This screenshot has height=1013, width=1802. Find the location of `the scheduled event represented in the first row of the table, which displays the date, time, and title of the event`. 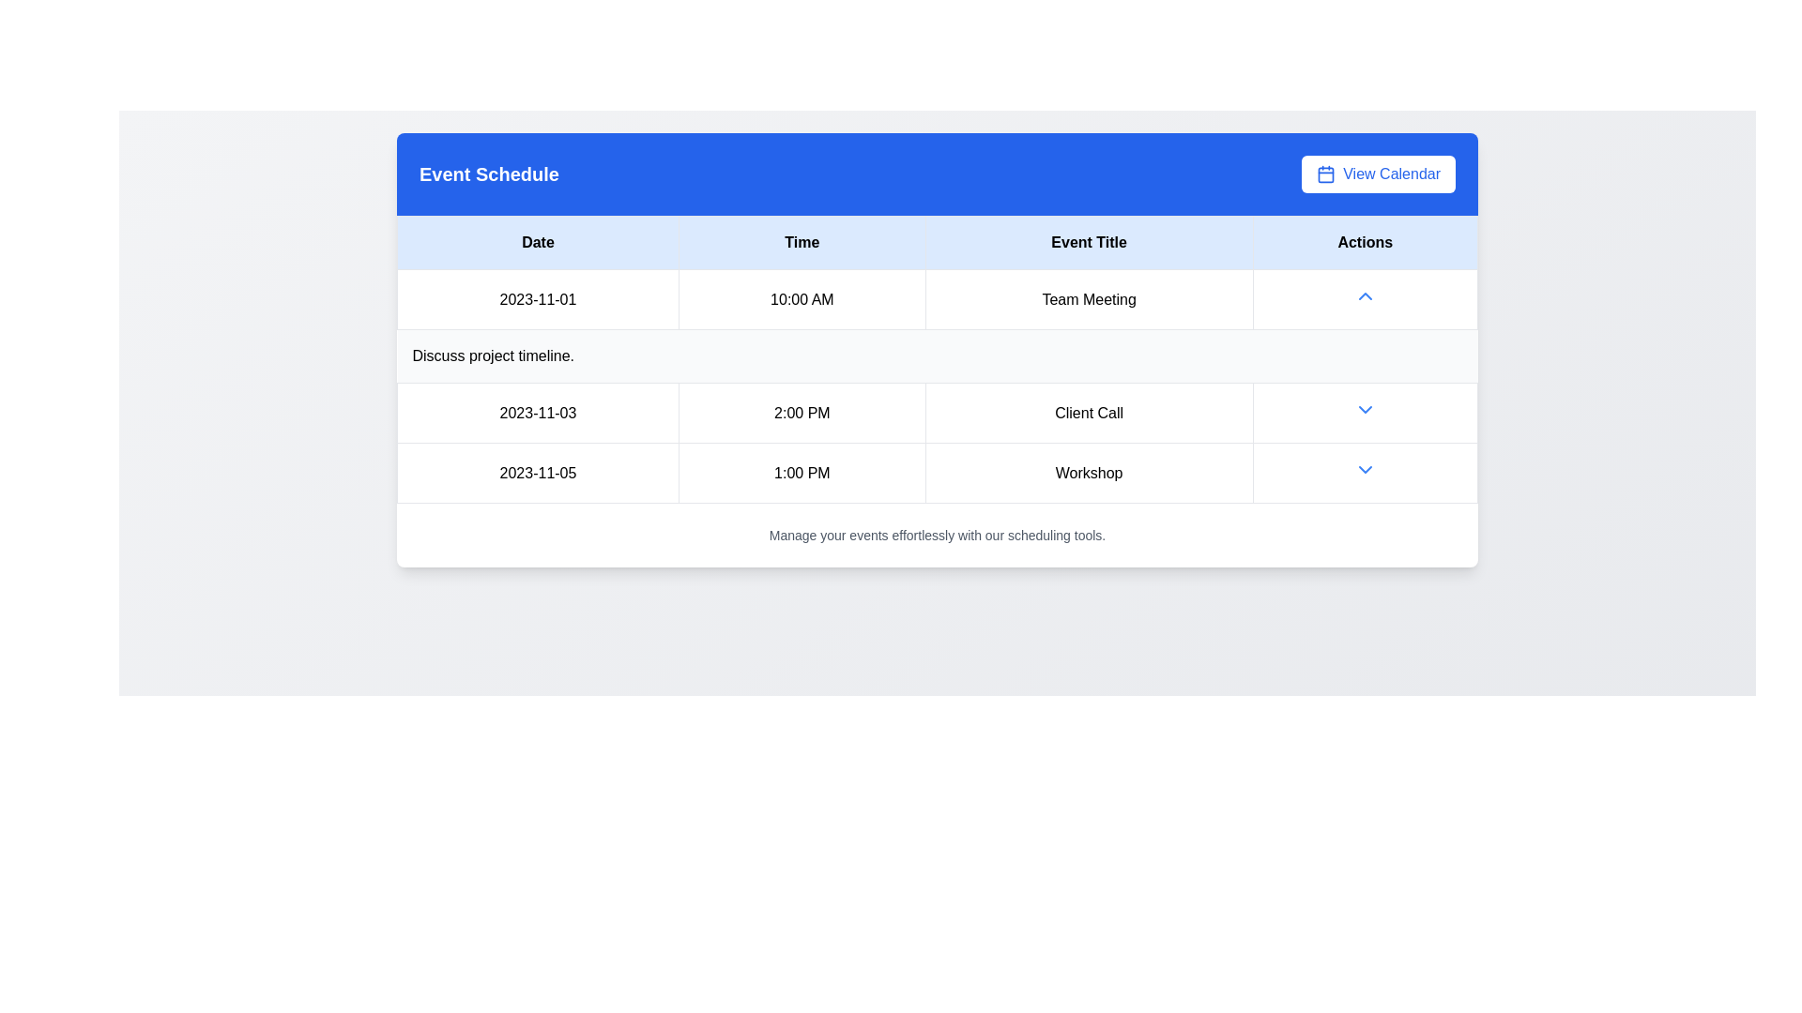

the scheduled event represented in the first row of the table, which displays the date, time, and title of the event is located at coordinates (937, 298).